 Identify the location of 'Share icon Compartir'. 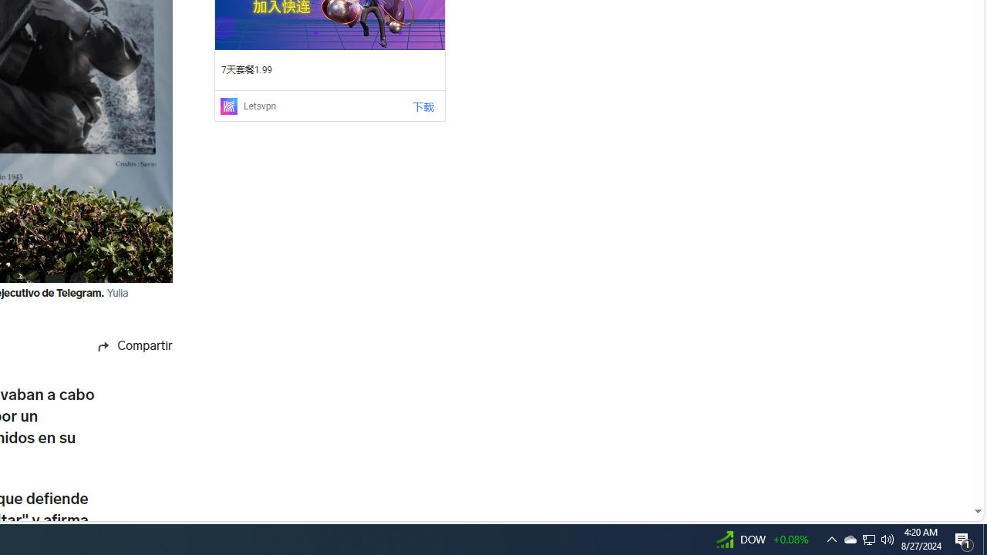
(117, 345).